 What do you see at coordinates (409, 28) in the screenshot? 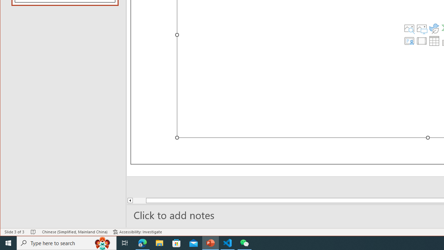
I see `'Stock Images'` at bounding box center [409, 28].